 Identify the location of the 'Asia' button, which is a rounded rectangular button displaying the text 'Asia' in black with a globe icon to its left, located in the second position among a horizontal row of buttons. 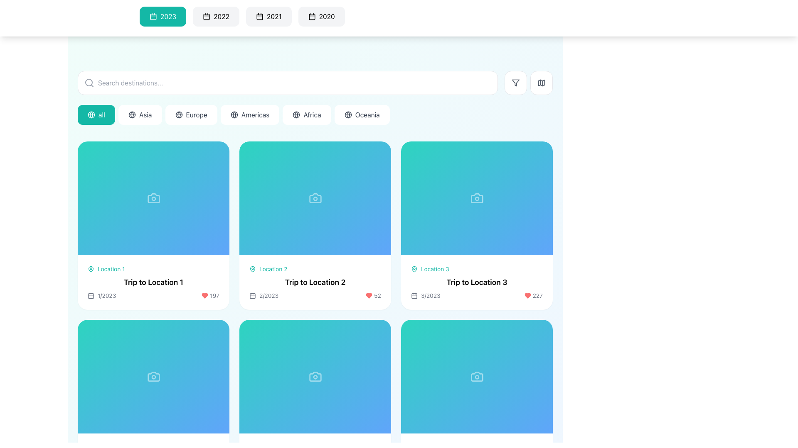
(140, 115).